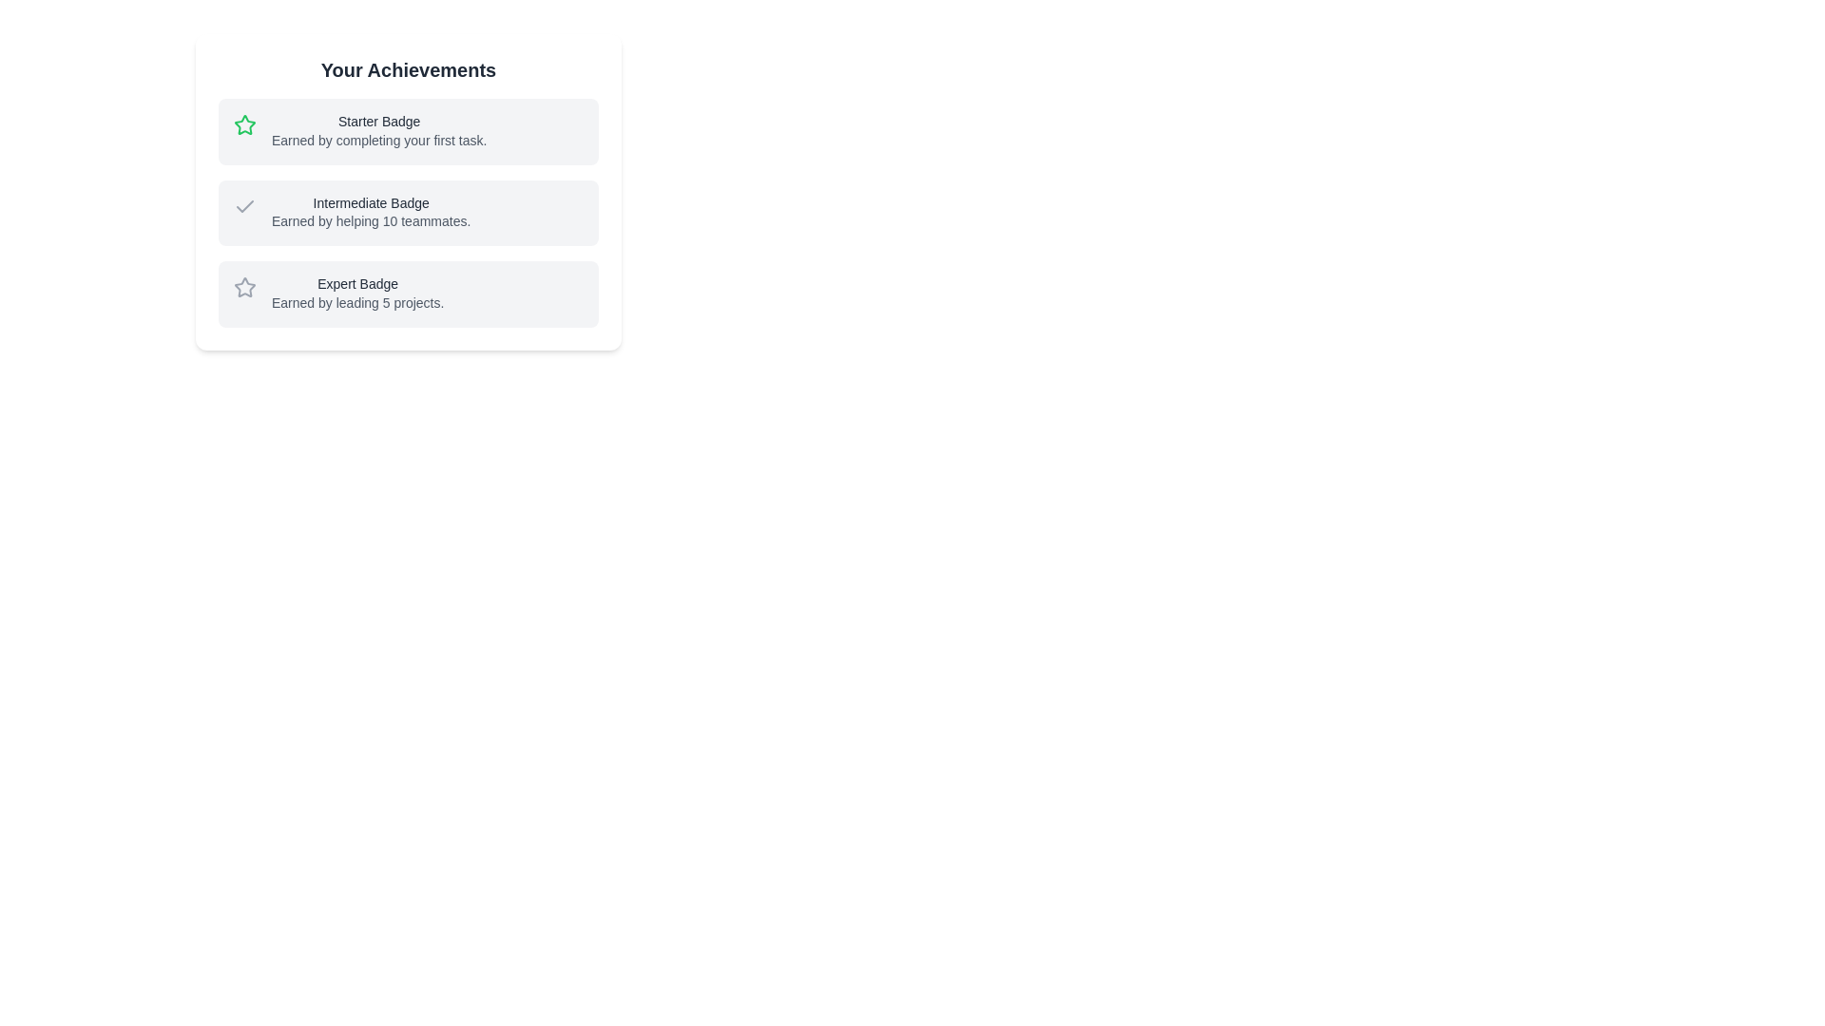  I want to click on the status indicator icon for the 'Intermediate Badge', which is located on the left side of the text 'Earned by helping 10 teammates', so click(244, 205).